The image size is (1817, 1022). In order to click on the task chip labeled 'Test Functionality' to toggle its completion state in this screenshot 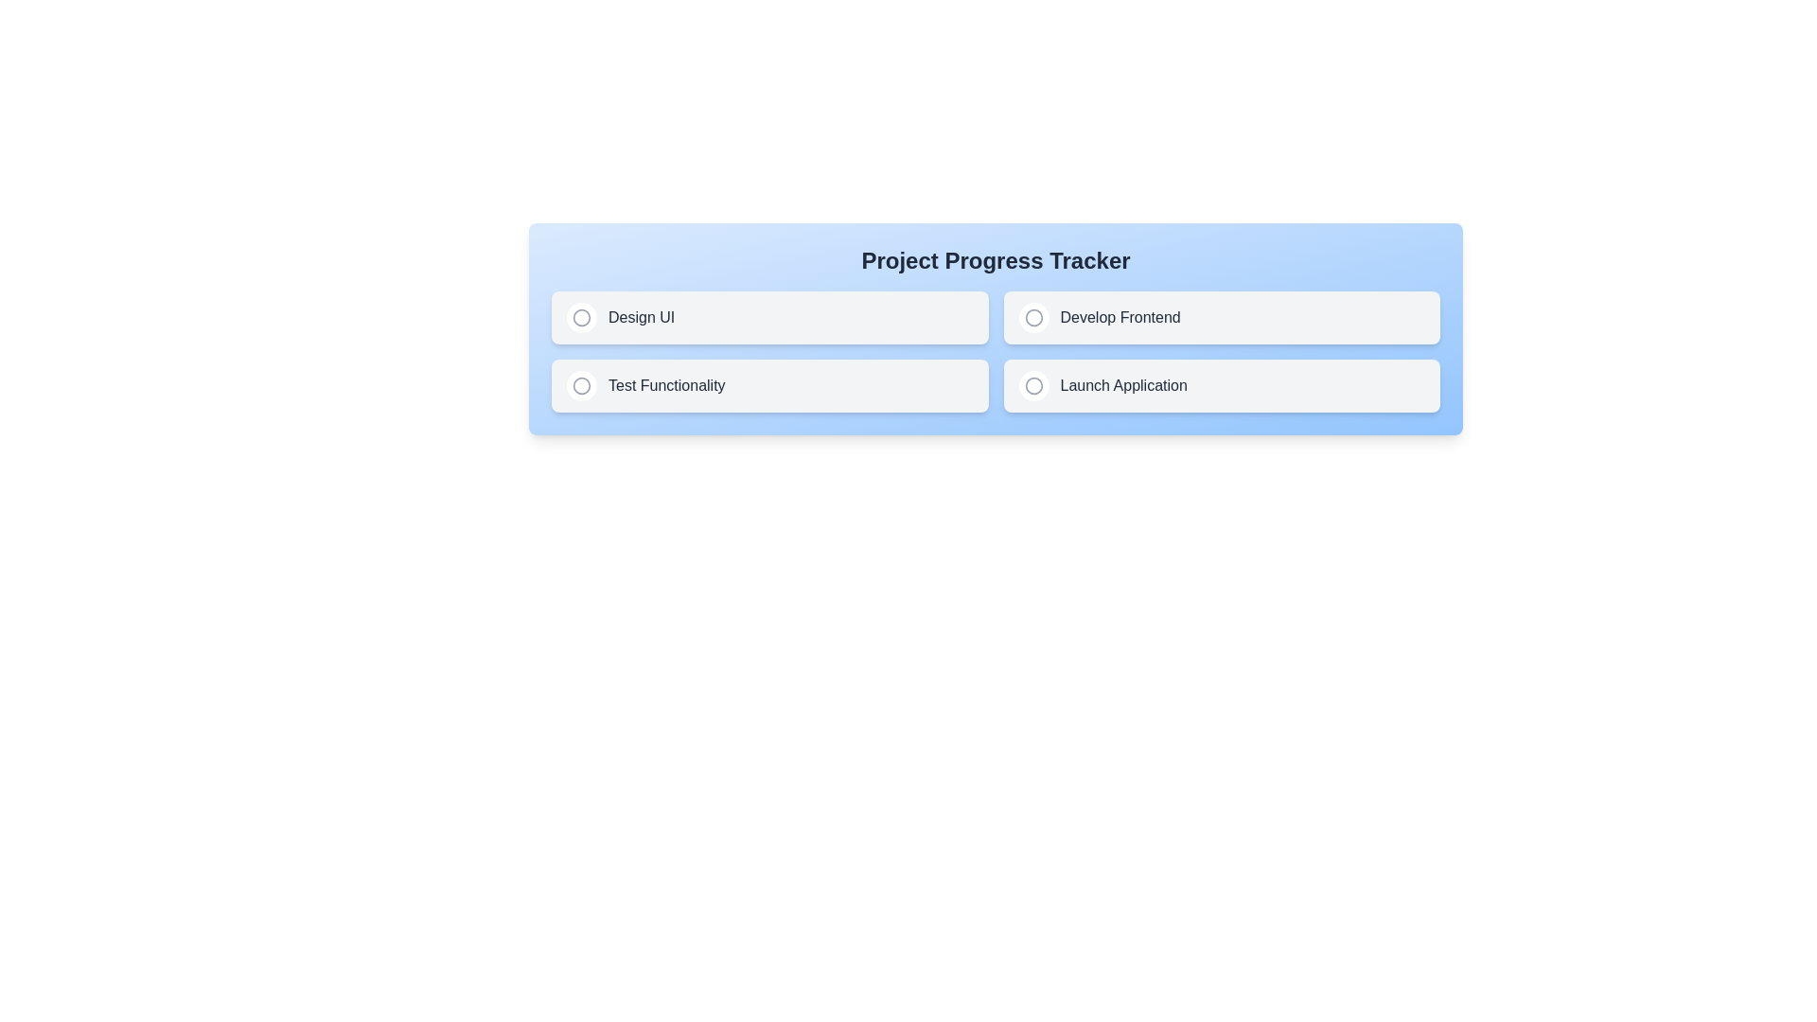, I will do `click(769, 385)`.